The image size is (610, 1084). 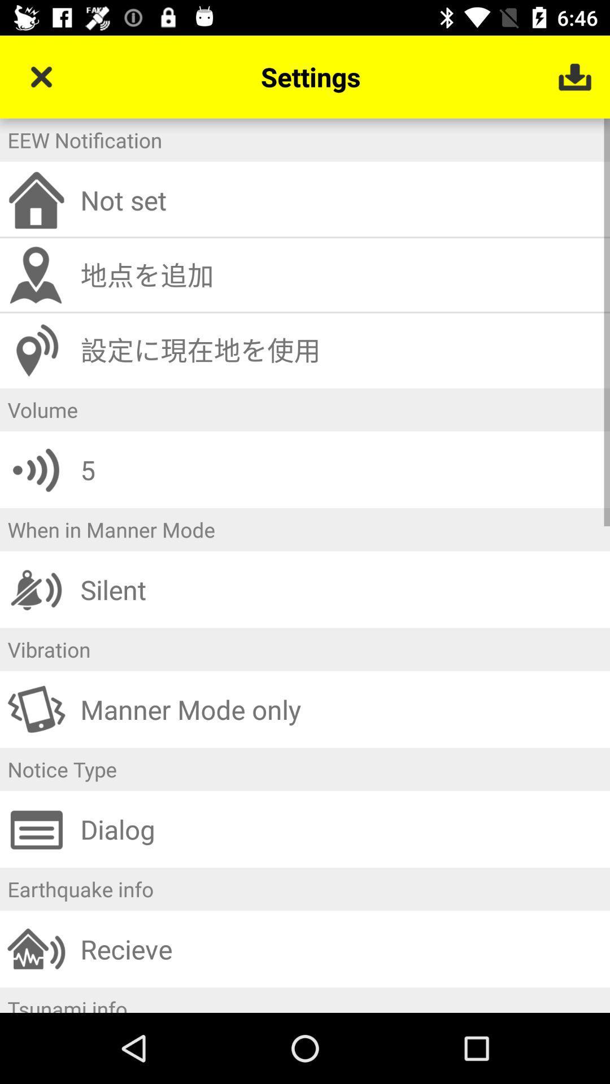 What do you see at coordinates (341, 589) in the screenshot?
I see `the silent icon` at bounding box center [341, 589].